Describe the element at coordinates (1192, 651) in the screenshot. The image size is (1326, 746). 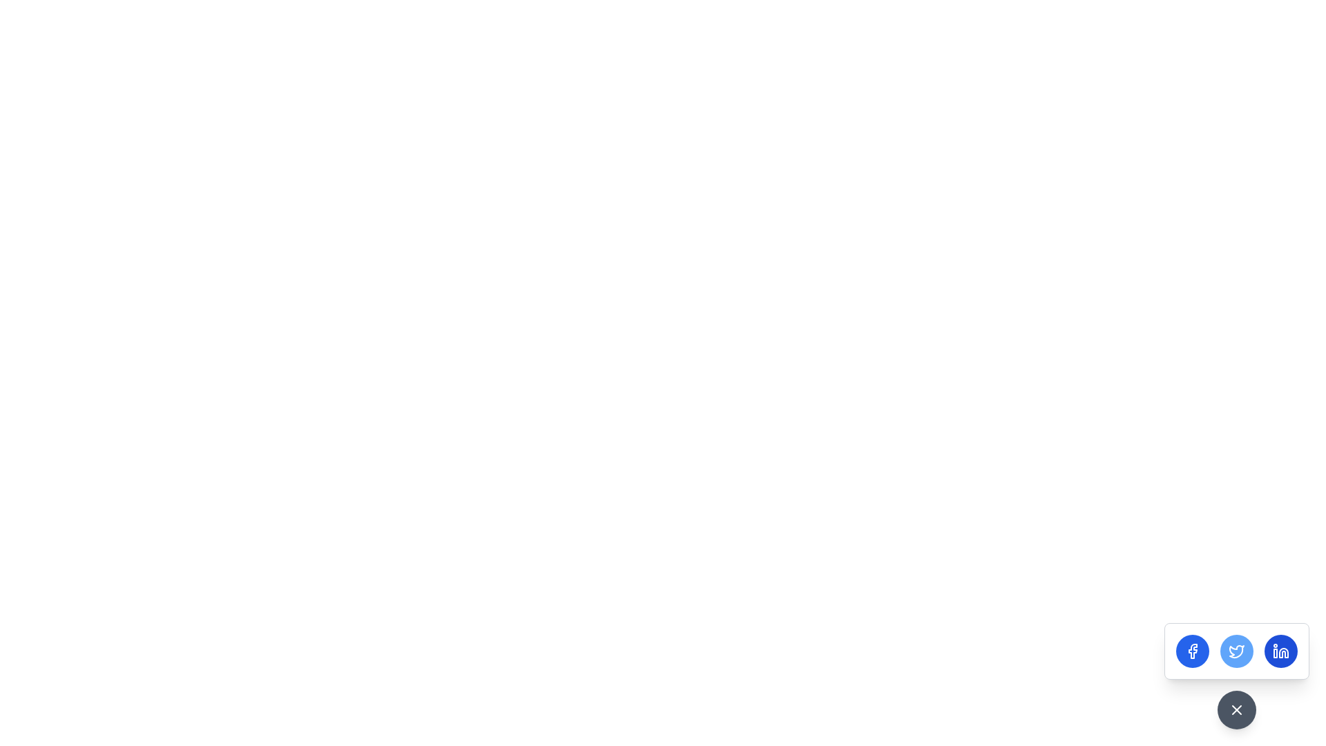
I see `the Facebook icon button located in the bottom-right corner of the interface, which is the first among a horizontal row of three icons` at that location.